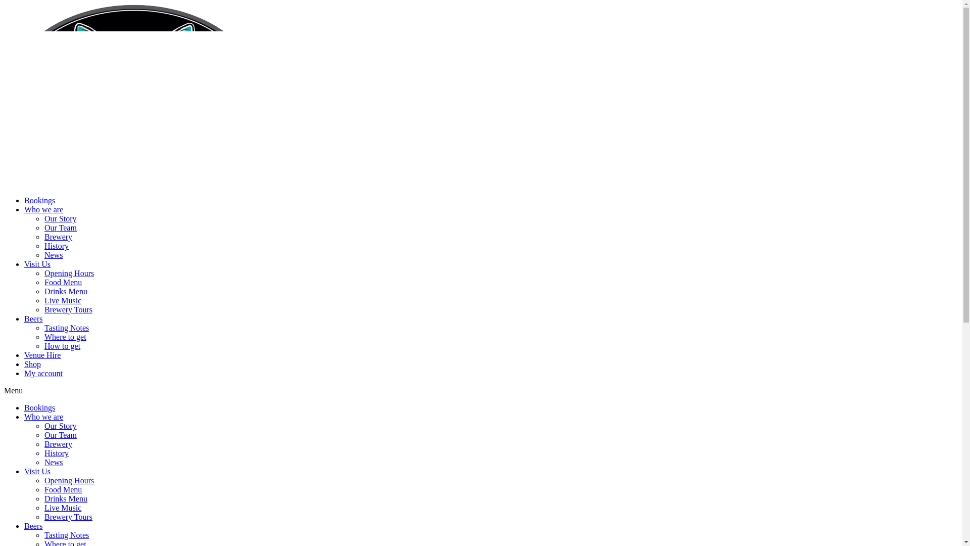 Image resolution: width=970 pixels, height=546 pixels. What do you see at coordinates (66, 534) in the screenshot?
I see `'Tasting Notes'` at bounding box center [66, 534].